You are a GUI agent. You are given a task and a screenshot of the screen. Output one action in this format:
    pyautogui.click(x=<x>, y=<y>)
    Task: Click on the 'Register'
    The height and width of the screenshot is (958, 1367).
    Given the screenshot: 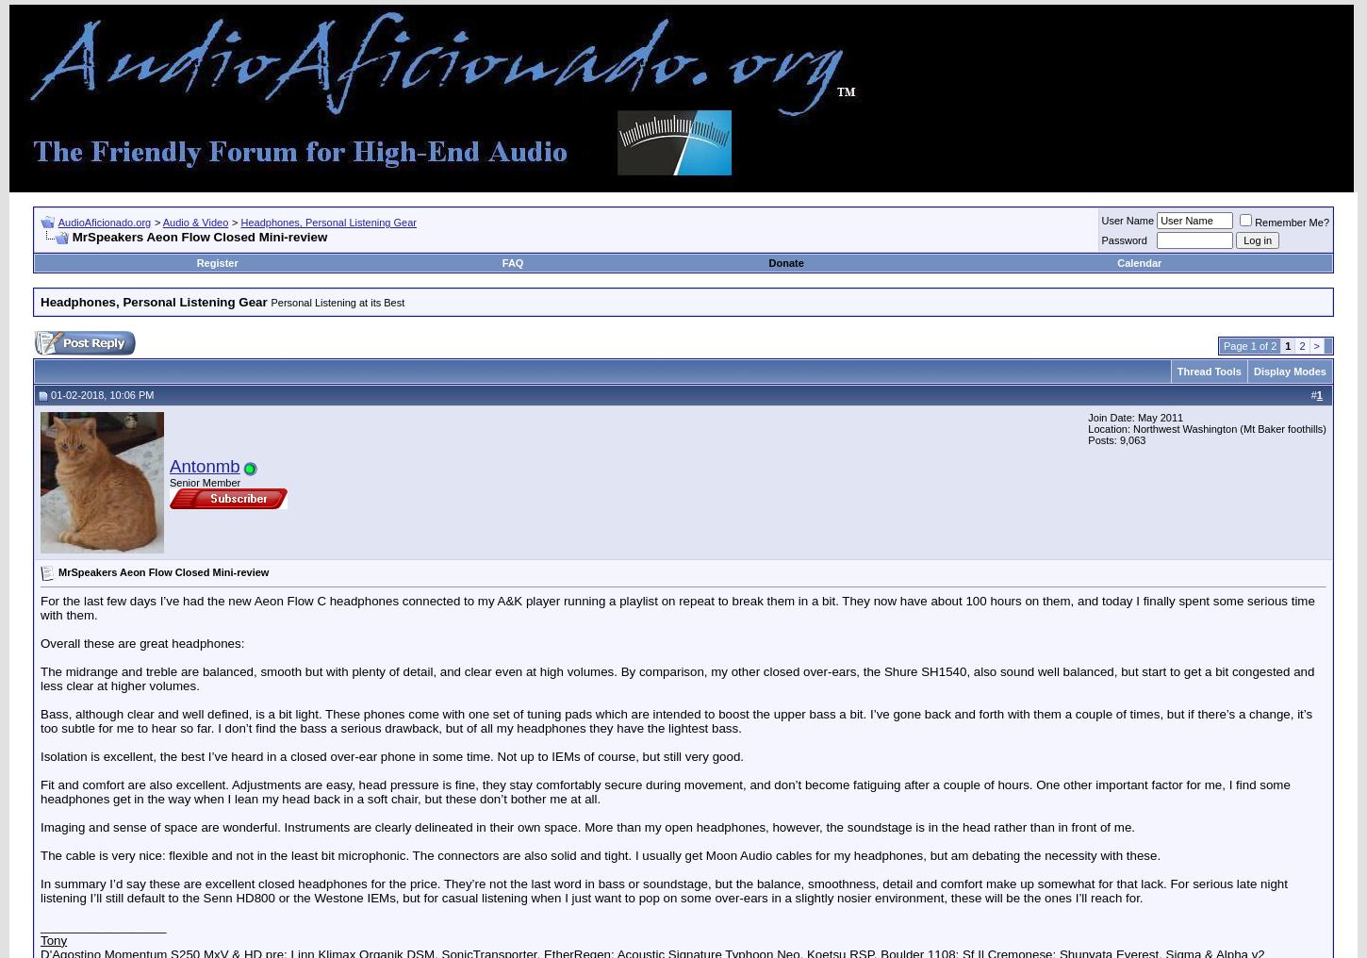 What is the action you would take?
    pyautogui.click(x=215, y=261)
    